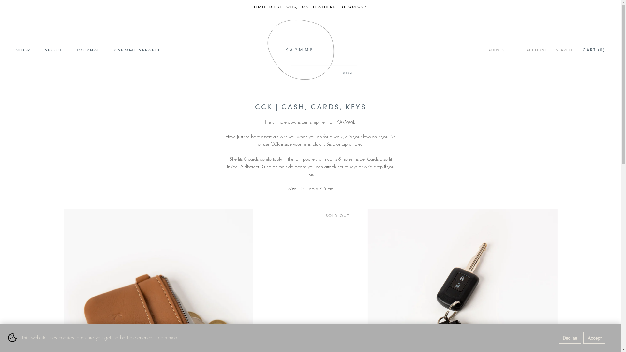  I want to click on 'ABOUT', so click(44, 50).